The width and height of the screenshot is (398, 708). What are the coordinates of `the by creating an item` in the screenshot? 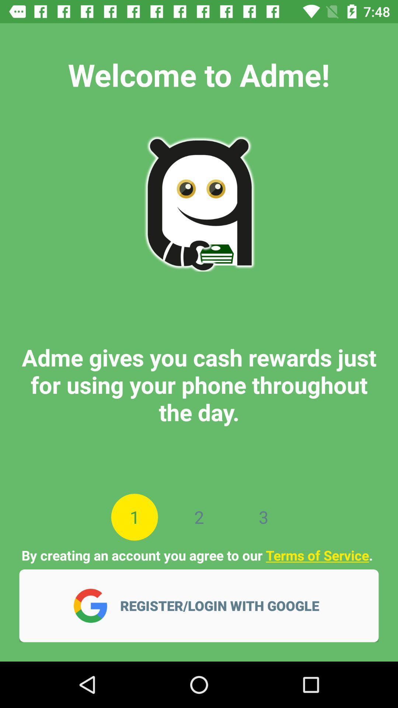 It's located at (198, 555).